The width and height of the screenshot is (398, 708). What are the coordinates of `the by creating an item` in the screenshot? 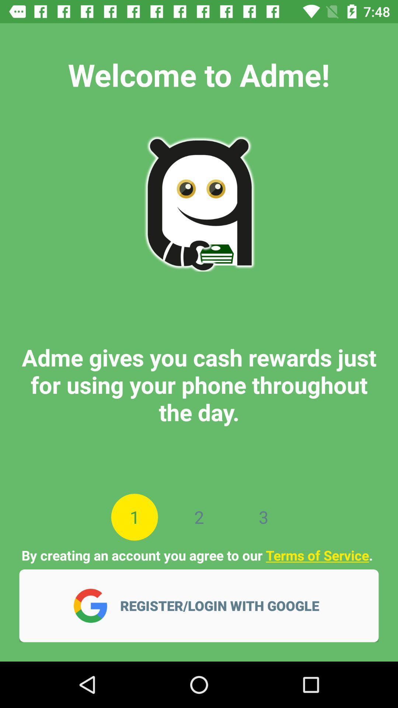 It's located at (198, 555).